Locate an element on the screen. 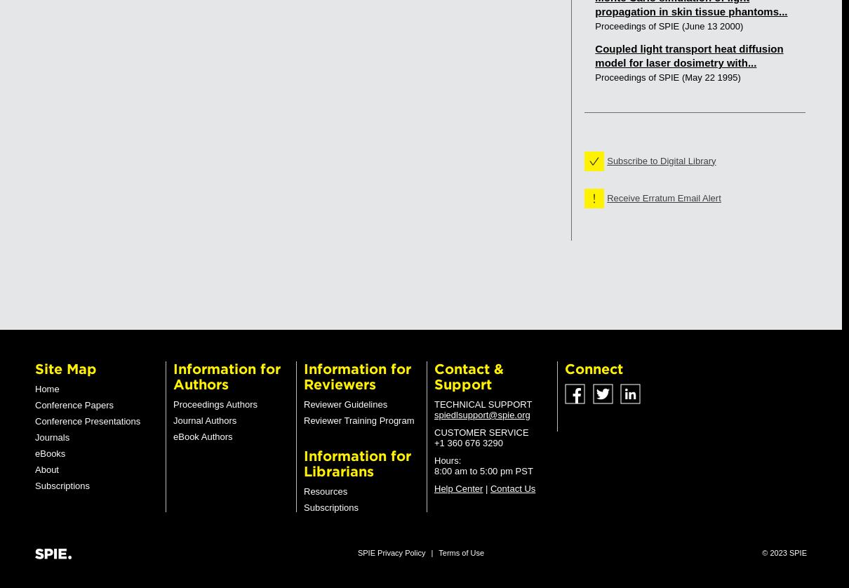 Image resolution: width=849 pixels, height=588 pixels. 'Journal Authors' is located at coordinates (203, 420).